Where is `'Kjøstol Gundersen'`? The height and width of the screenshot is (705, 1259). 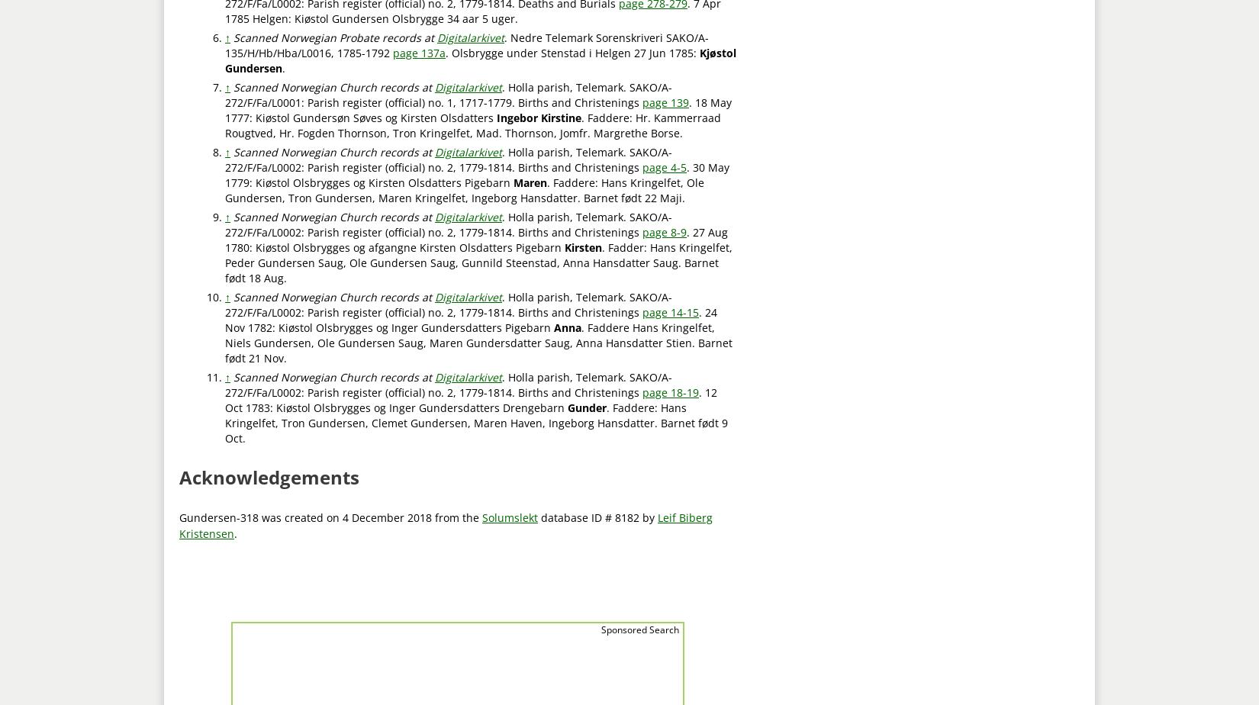
'Kjøstol Gundersen' is located at coordinates (225, 60).